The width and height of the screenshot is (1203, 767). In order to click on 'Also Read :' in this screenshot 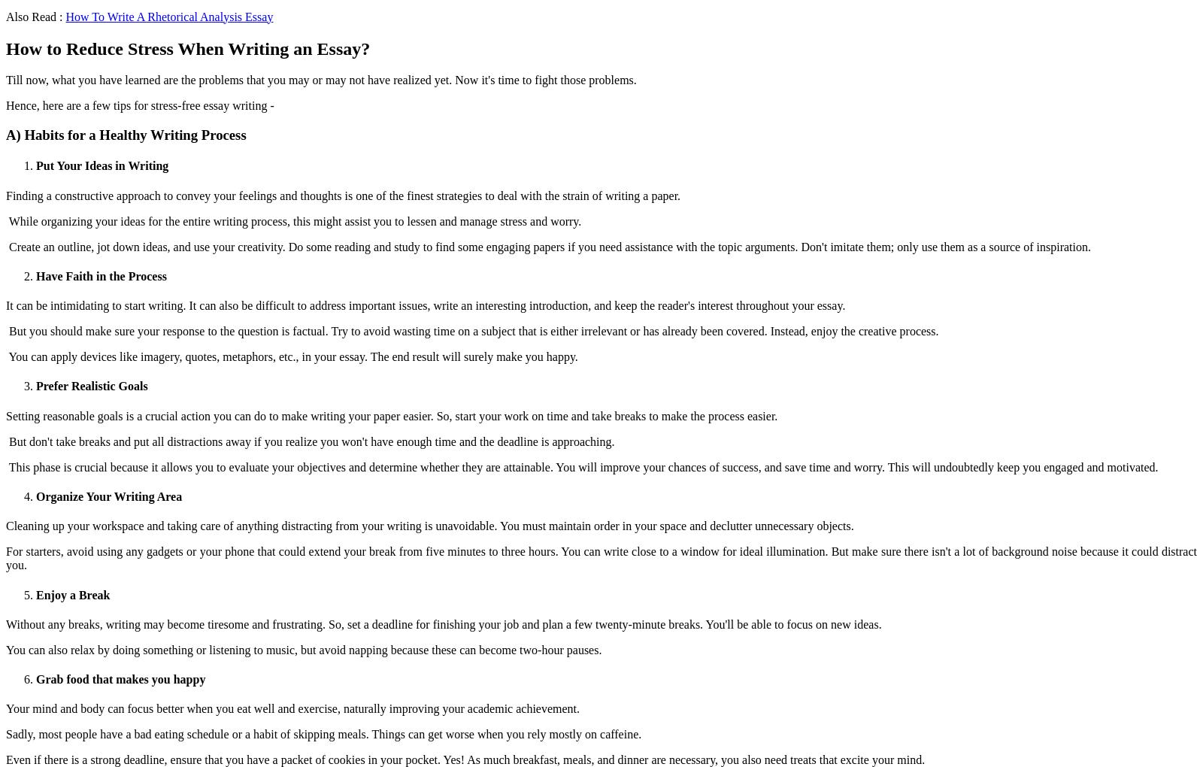, I will do `click(35, 15)`.